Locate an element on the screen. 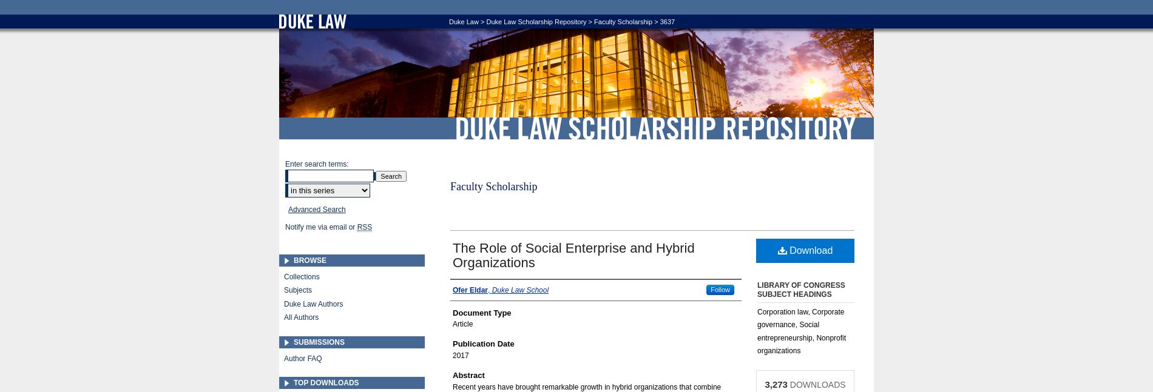 Image resolution: width=1153 pixels, height=392 pixels. 'Top Downloads' is located at coordinates (326, 382).